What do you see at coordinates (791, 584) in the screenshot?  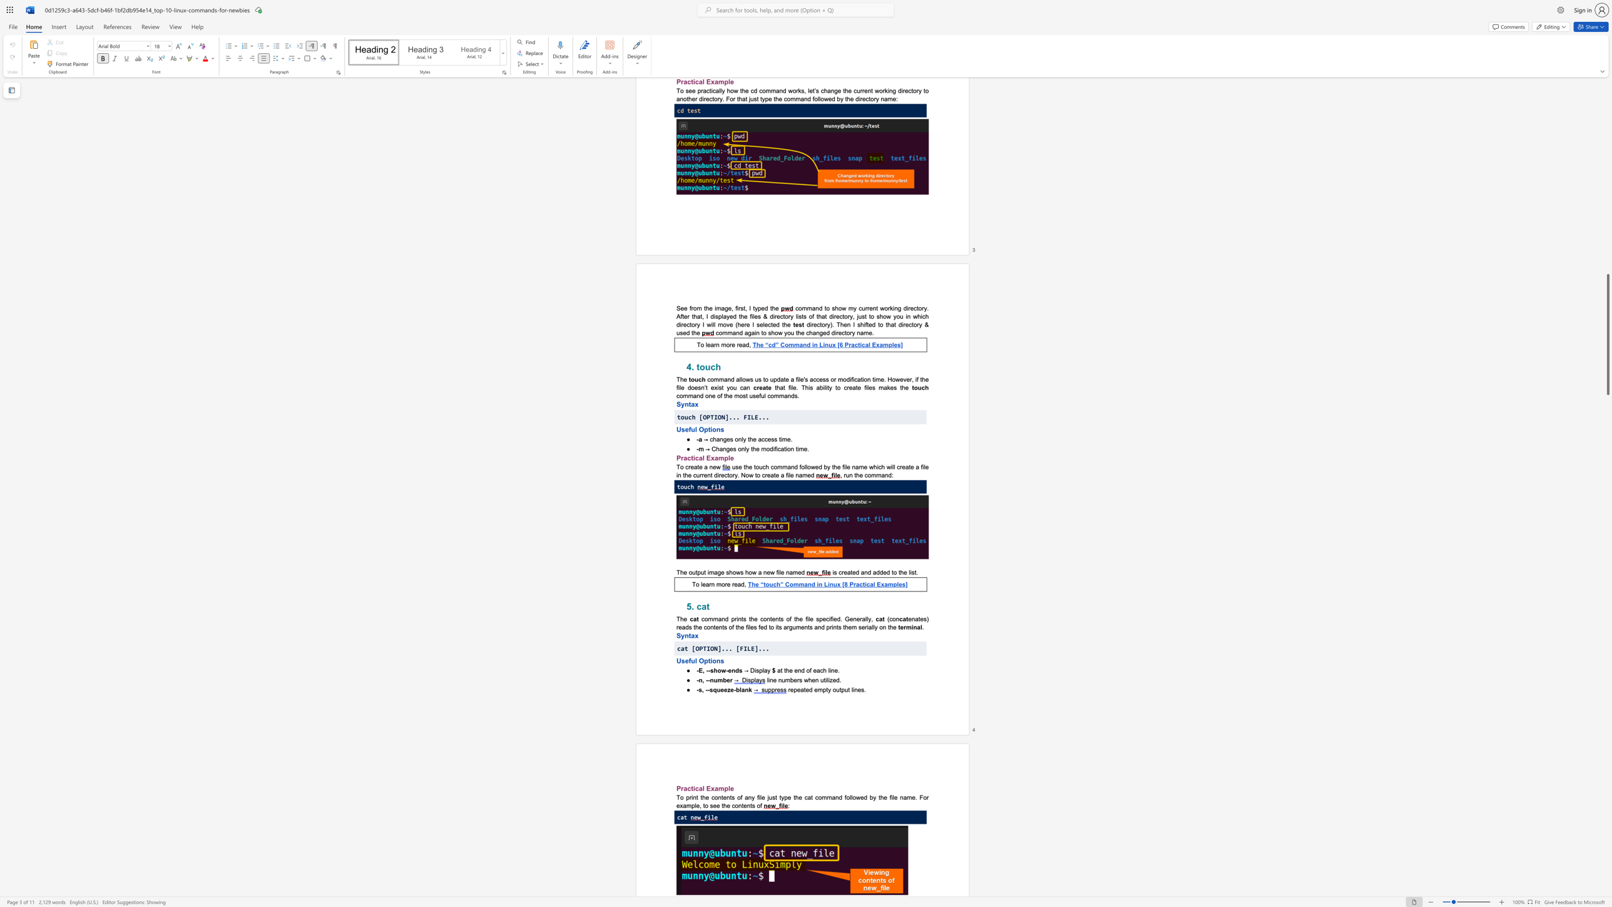 I see `the 2th character "o" in the text` at bounding box center [791, 584].